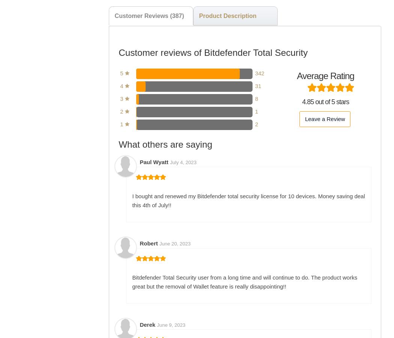  What do you see at coordinates (148, 325) in the screenshot?
I see `'Derek'` at bounding box center [148, 325].